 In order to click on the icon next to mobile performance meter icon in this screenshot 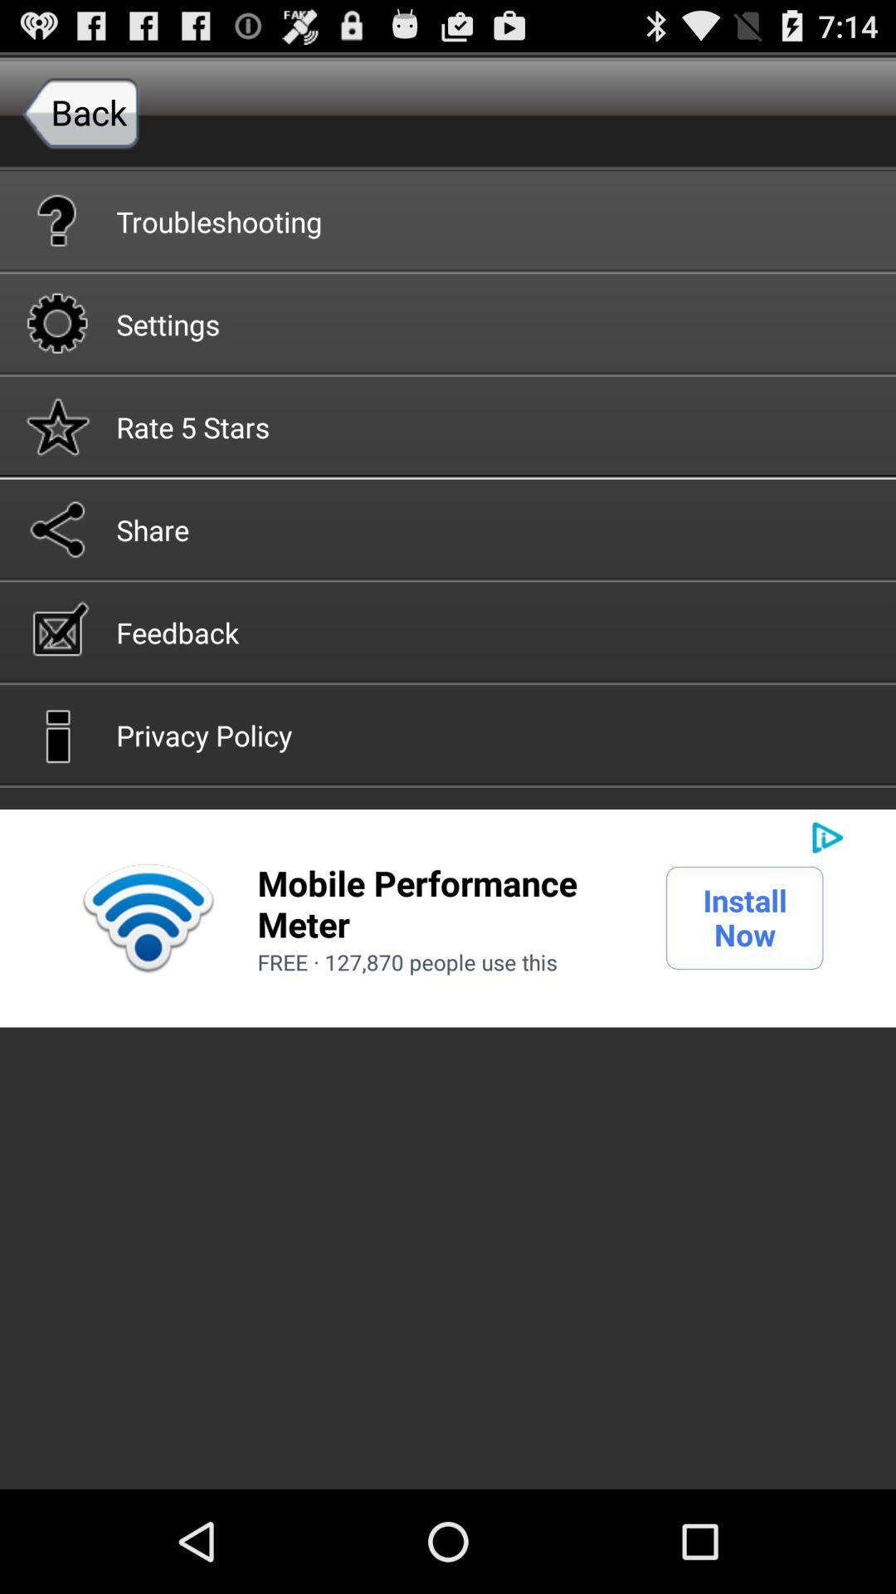, I will do `click(743, 917)`.